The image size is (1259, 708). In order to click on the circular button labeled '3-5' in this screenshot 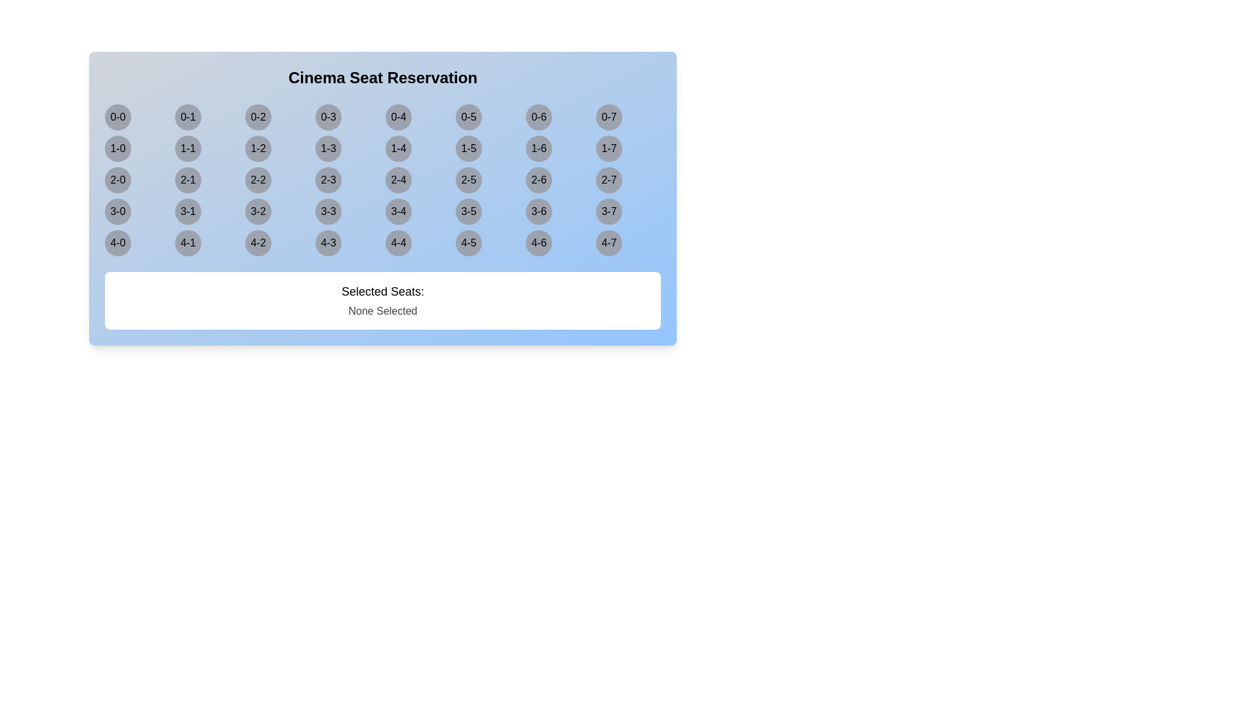, I will do `click(469, 211)`.